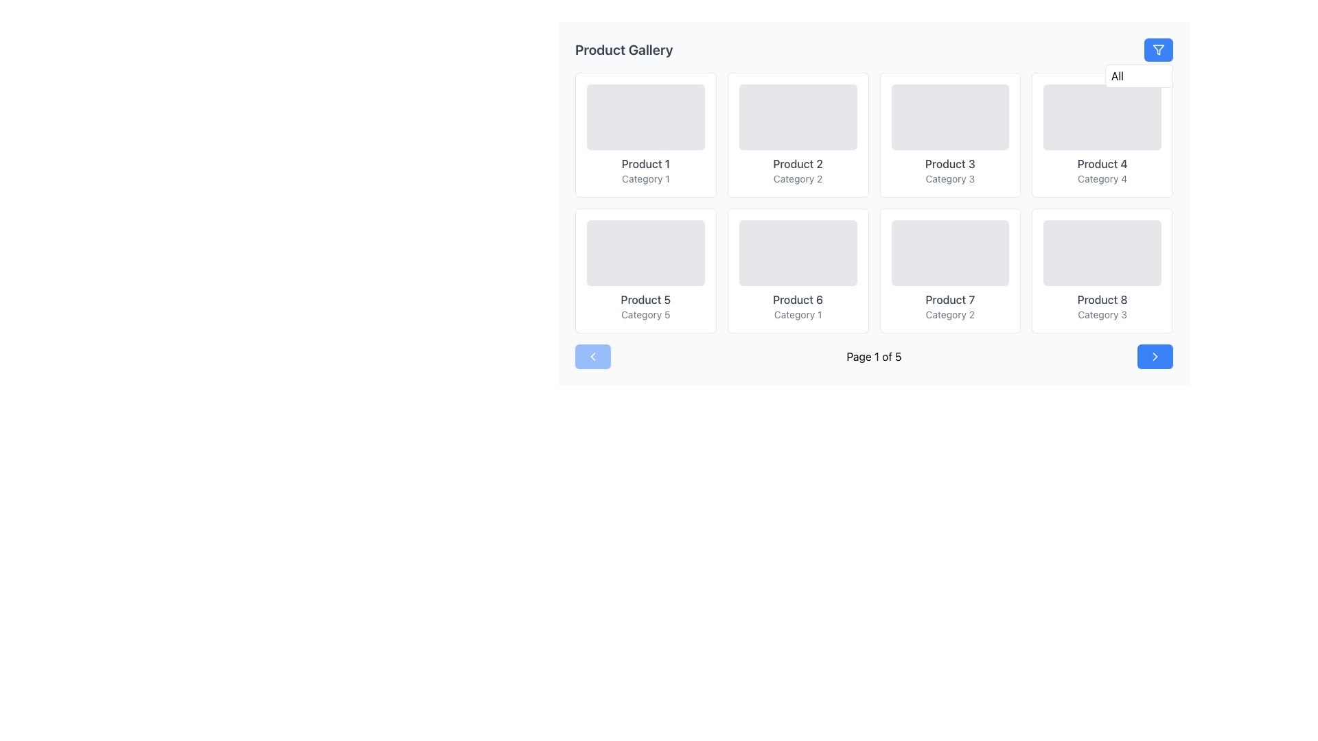  Describe the element at coordinates (1102, 298) in the screenshot. I see `the text label 'Product 8' in the bottom-right card of the product grid, which is displayed in gray color and positioned between an image placeholder and the category descriptor` at that location.